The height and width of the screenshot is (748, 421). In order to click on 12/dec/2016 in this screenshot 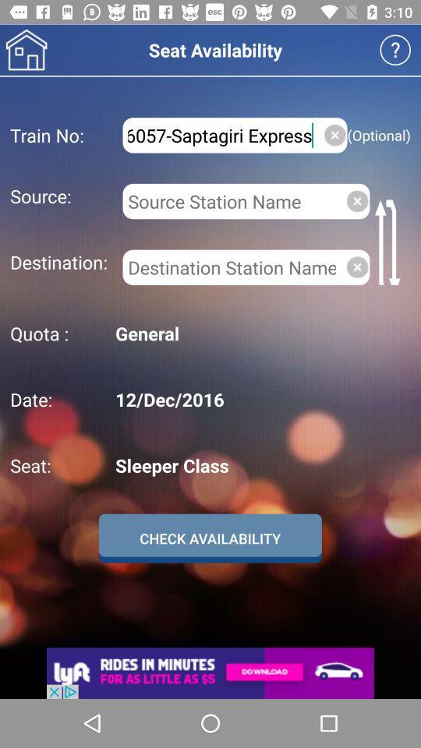, I will do `click(260, 398)`.